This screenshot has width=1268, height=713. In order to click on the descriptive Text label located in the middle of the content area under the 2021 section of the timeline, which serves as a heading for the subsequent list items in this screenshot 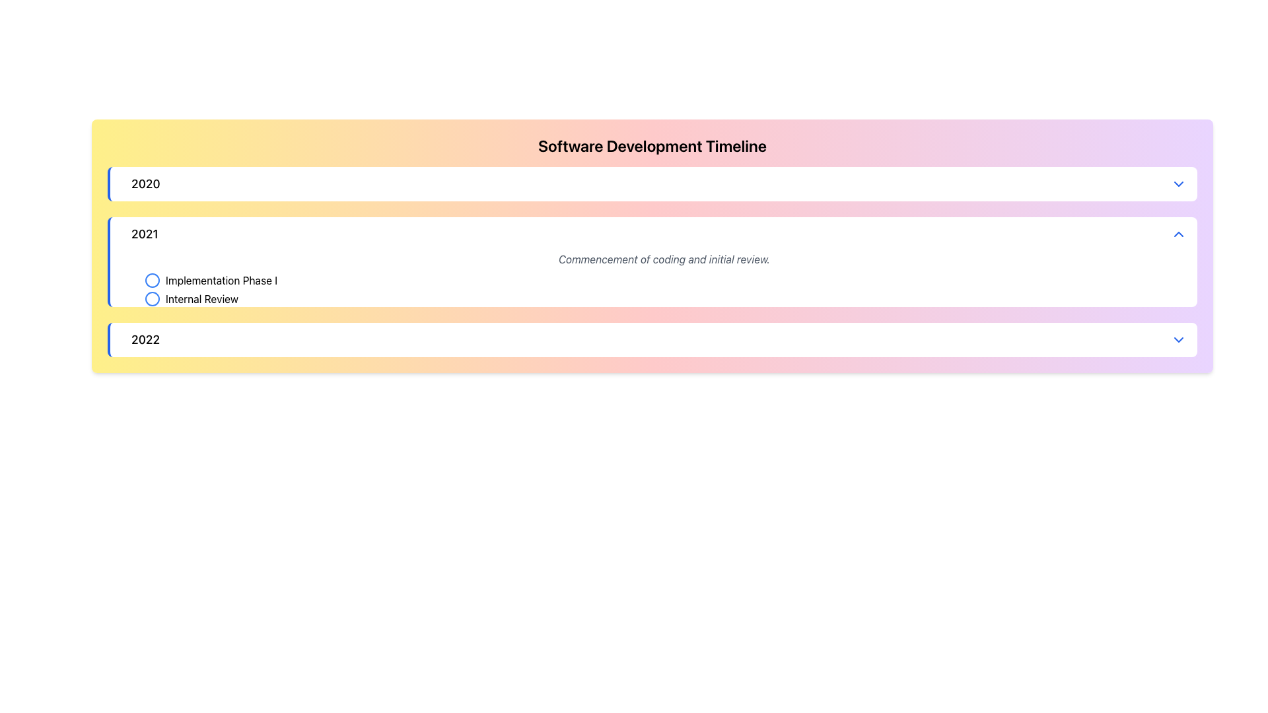, I will do `click(664, 259)`.